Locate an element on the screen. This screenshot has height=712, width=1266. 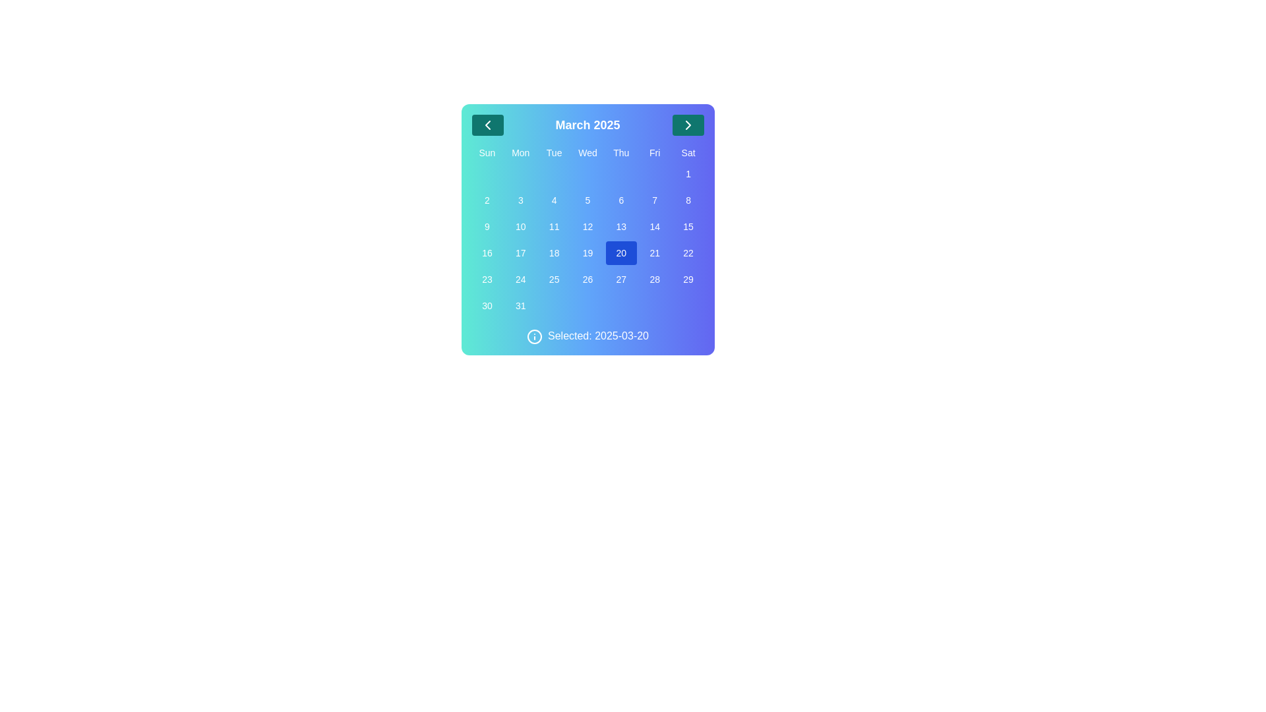
the button representing the ninth day of the month in the calendar interface is located at coordinates (487, 225).